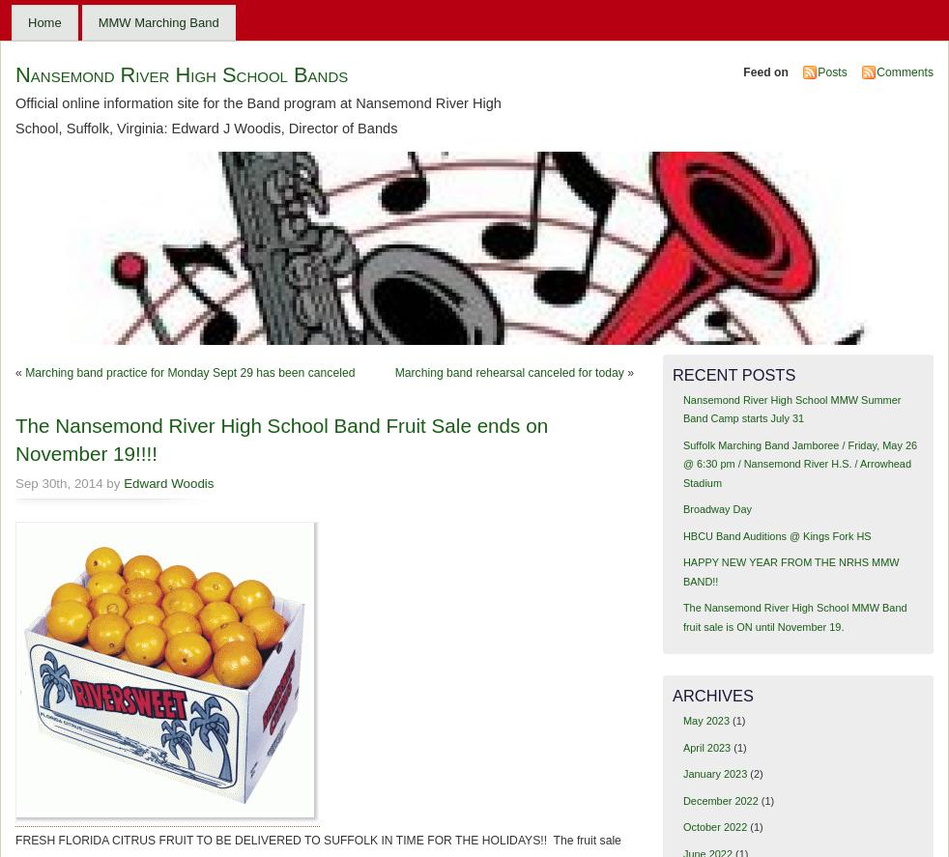 Image resolution: width=949 pixels, height=857 pixels. Describe the element at coordinates (68, 482) in the screenshot. I see `'Sep 30th, 2014 by'` at that location.